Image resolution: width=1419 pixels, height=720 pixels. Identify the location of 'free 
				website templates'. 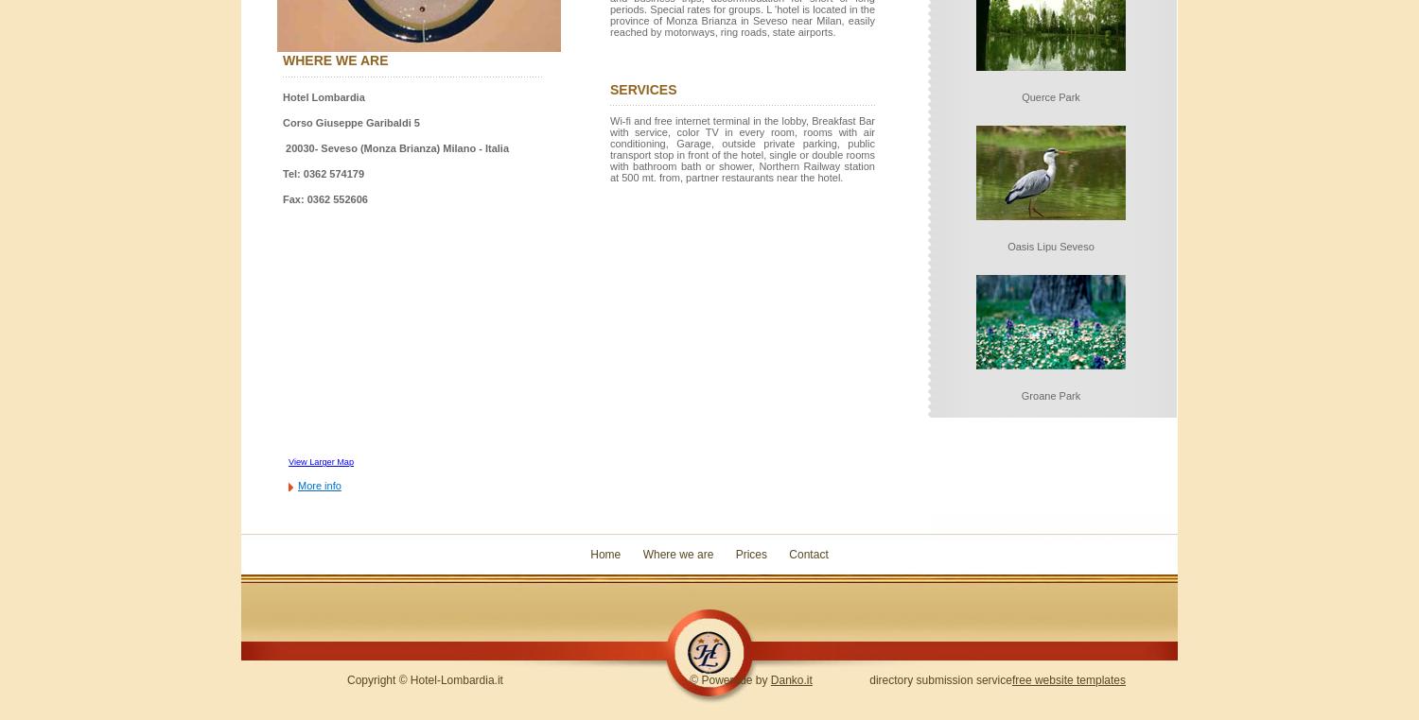
(1068, 680).